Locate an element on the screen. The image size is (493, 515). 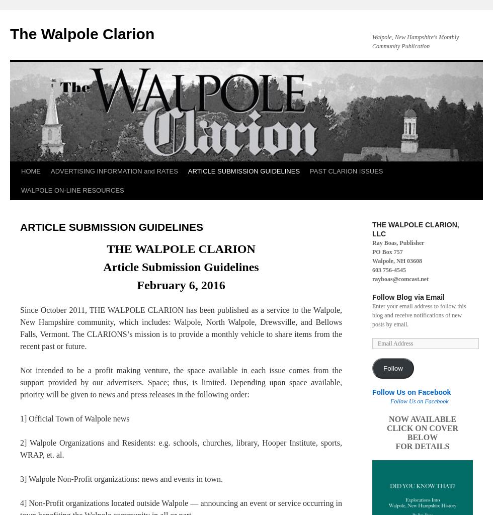
'Ray Boas, Publisher' is located at coordinates (398, 242).